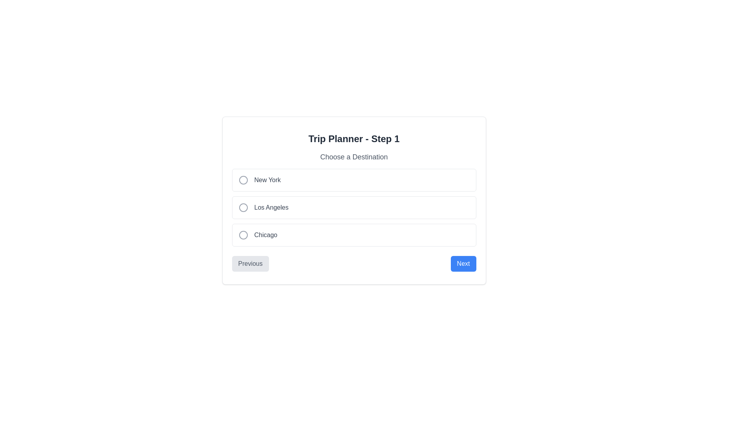 The image size is (754, 424). Describe the element at coordinates (243, 207) in the screenshot. I see `the Radio button indicator (SVG icon) associated with 'Los Angeles', which is the second option in the group of choices located to the right of the text 'Los Angeles'` at that location.